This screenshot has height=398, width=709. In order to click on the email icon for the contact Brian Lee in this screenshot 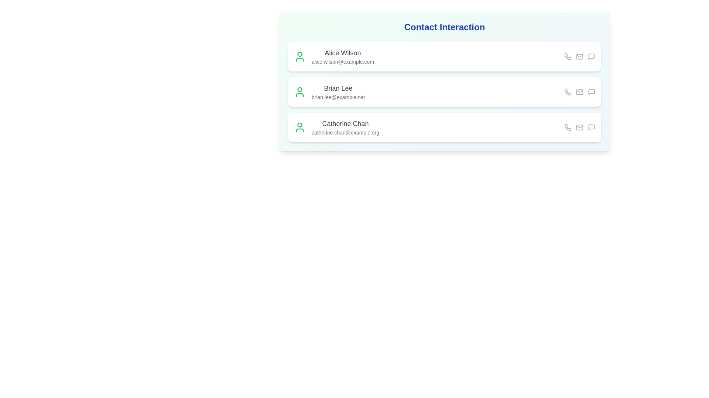, I will do `click(579, 92)`.